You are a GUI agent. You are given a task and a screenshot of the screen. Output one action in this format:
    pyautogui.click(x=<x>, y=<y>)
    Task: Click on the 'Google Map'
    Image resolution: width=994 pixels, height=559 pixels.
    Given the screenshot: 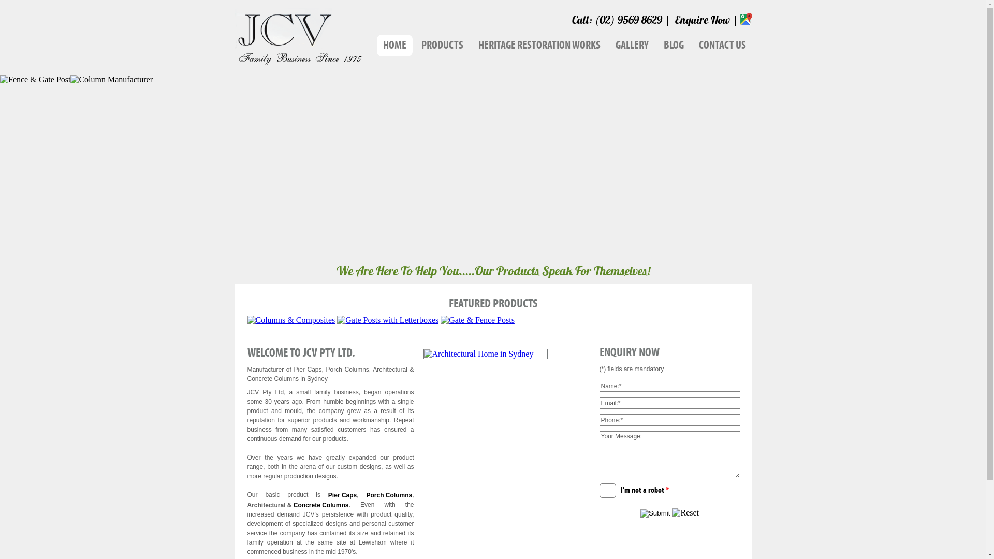 What is the action you would take?
    pyautogui.click(x=740, y=18)
    